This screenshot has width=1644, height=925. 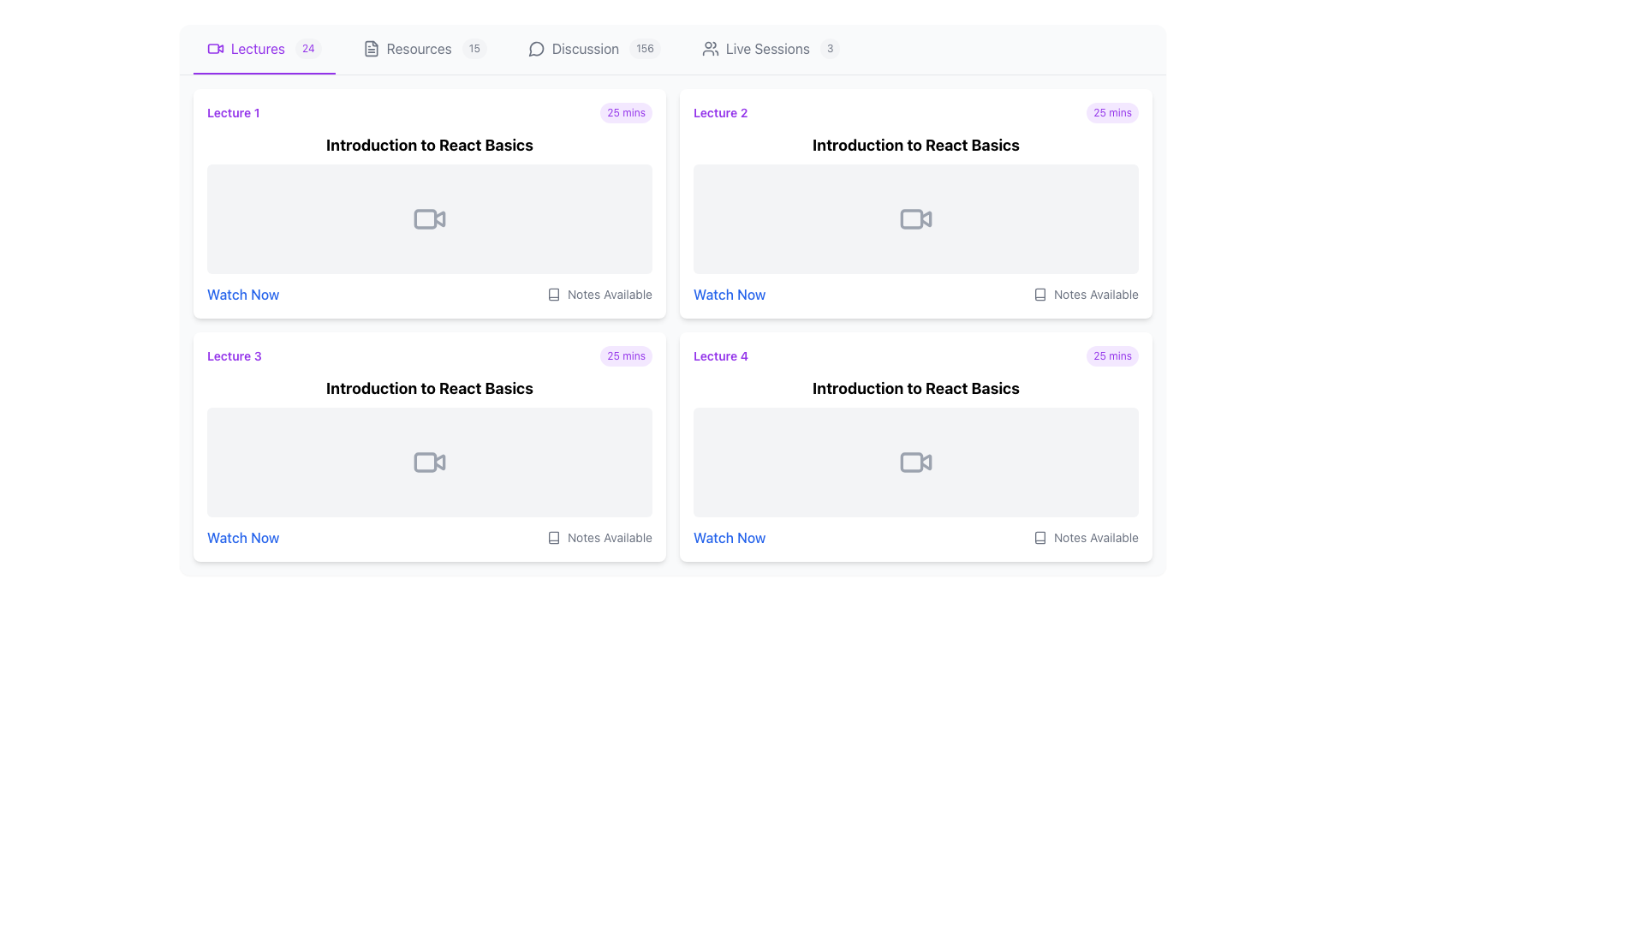 What do you see at coordinates (554, 293) in the screenshot?
I see `the book icon that is part of the 'Notes Available' text, located to the left of the text and aligned vertically in the center, below the video thumbnail area for Lecture 1` at bounding box center [554, 293].